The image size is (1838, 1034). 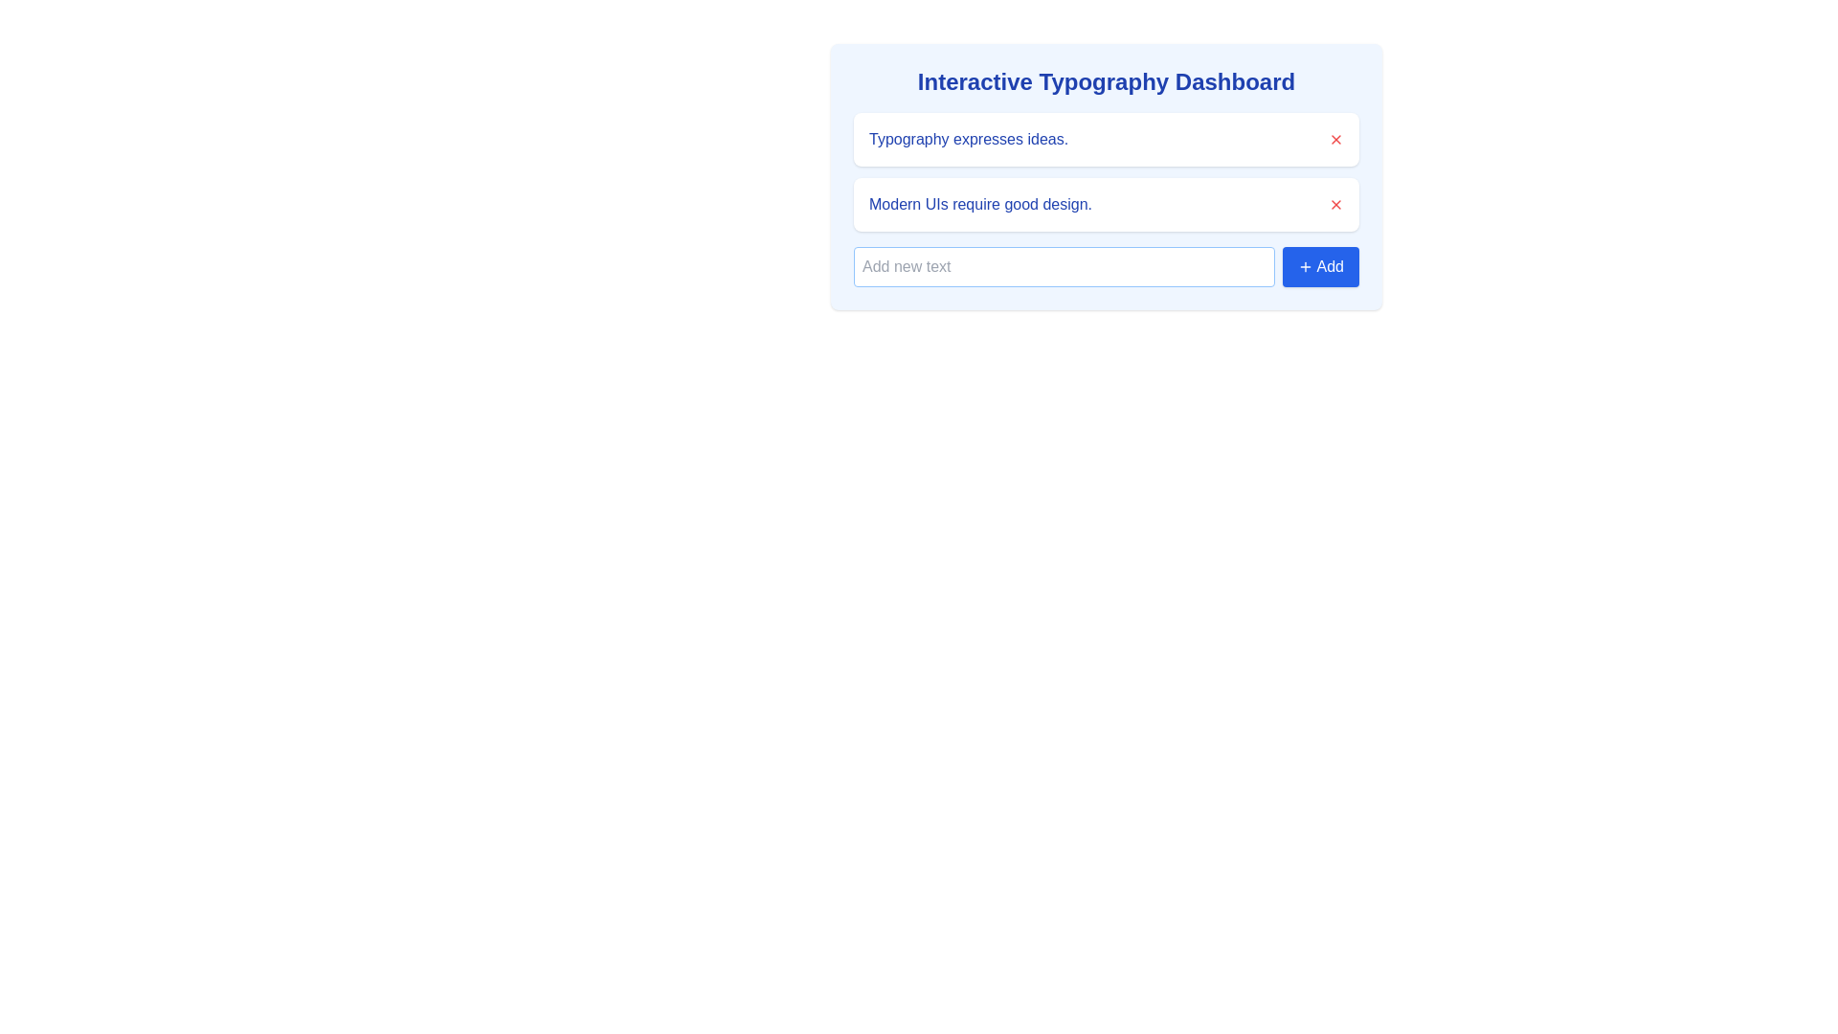 I want to click on the add button located to the right of the text input field in the 'Interactive Typography Dashboard' card layout, so click(x=1319, y=266).